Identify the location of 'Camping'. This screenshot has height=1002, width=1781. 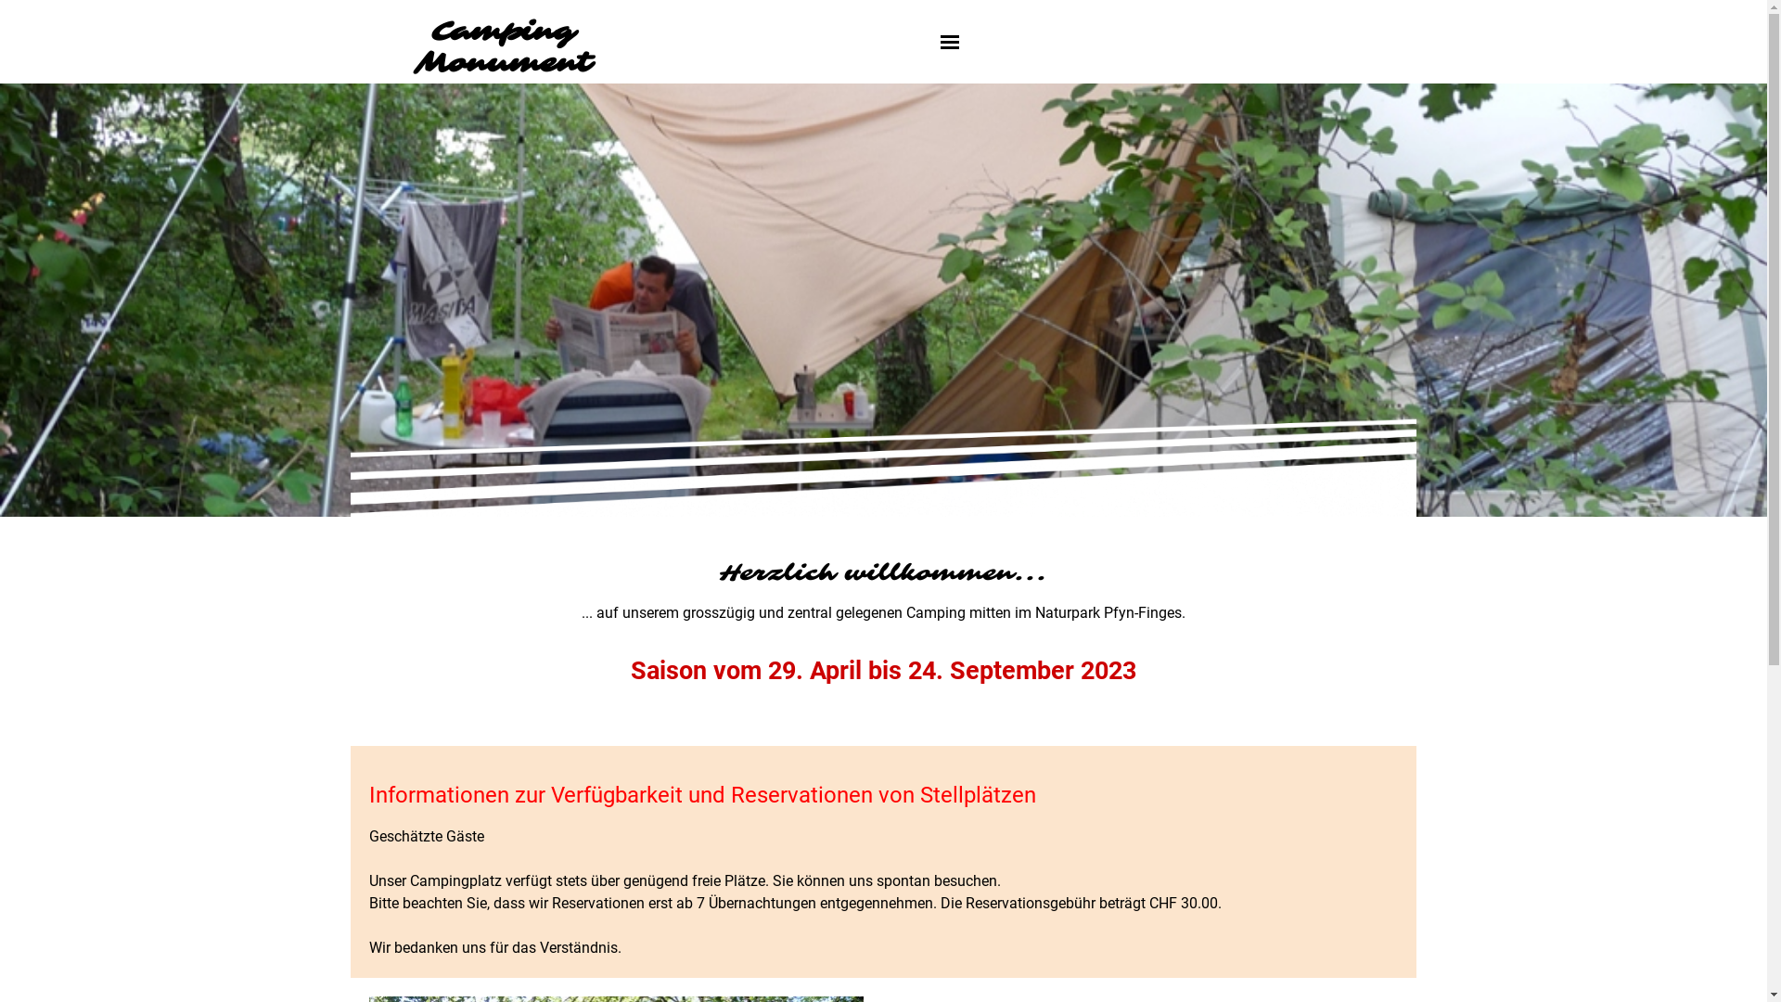
(429, 32).